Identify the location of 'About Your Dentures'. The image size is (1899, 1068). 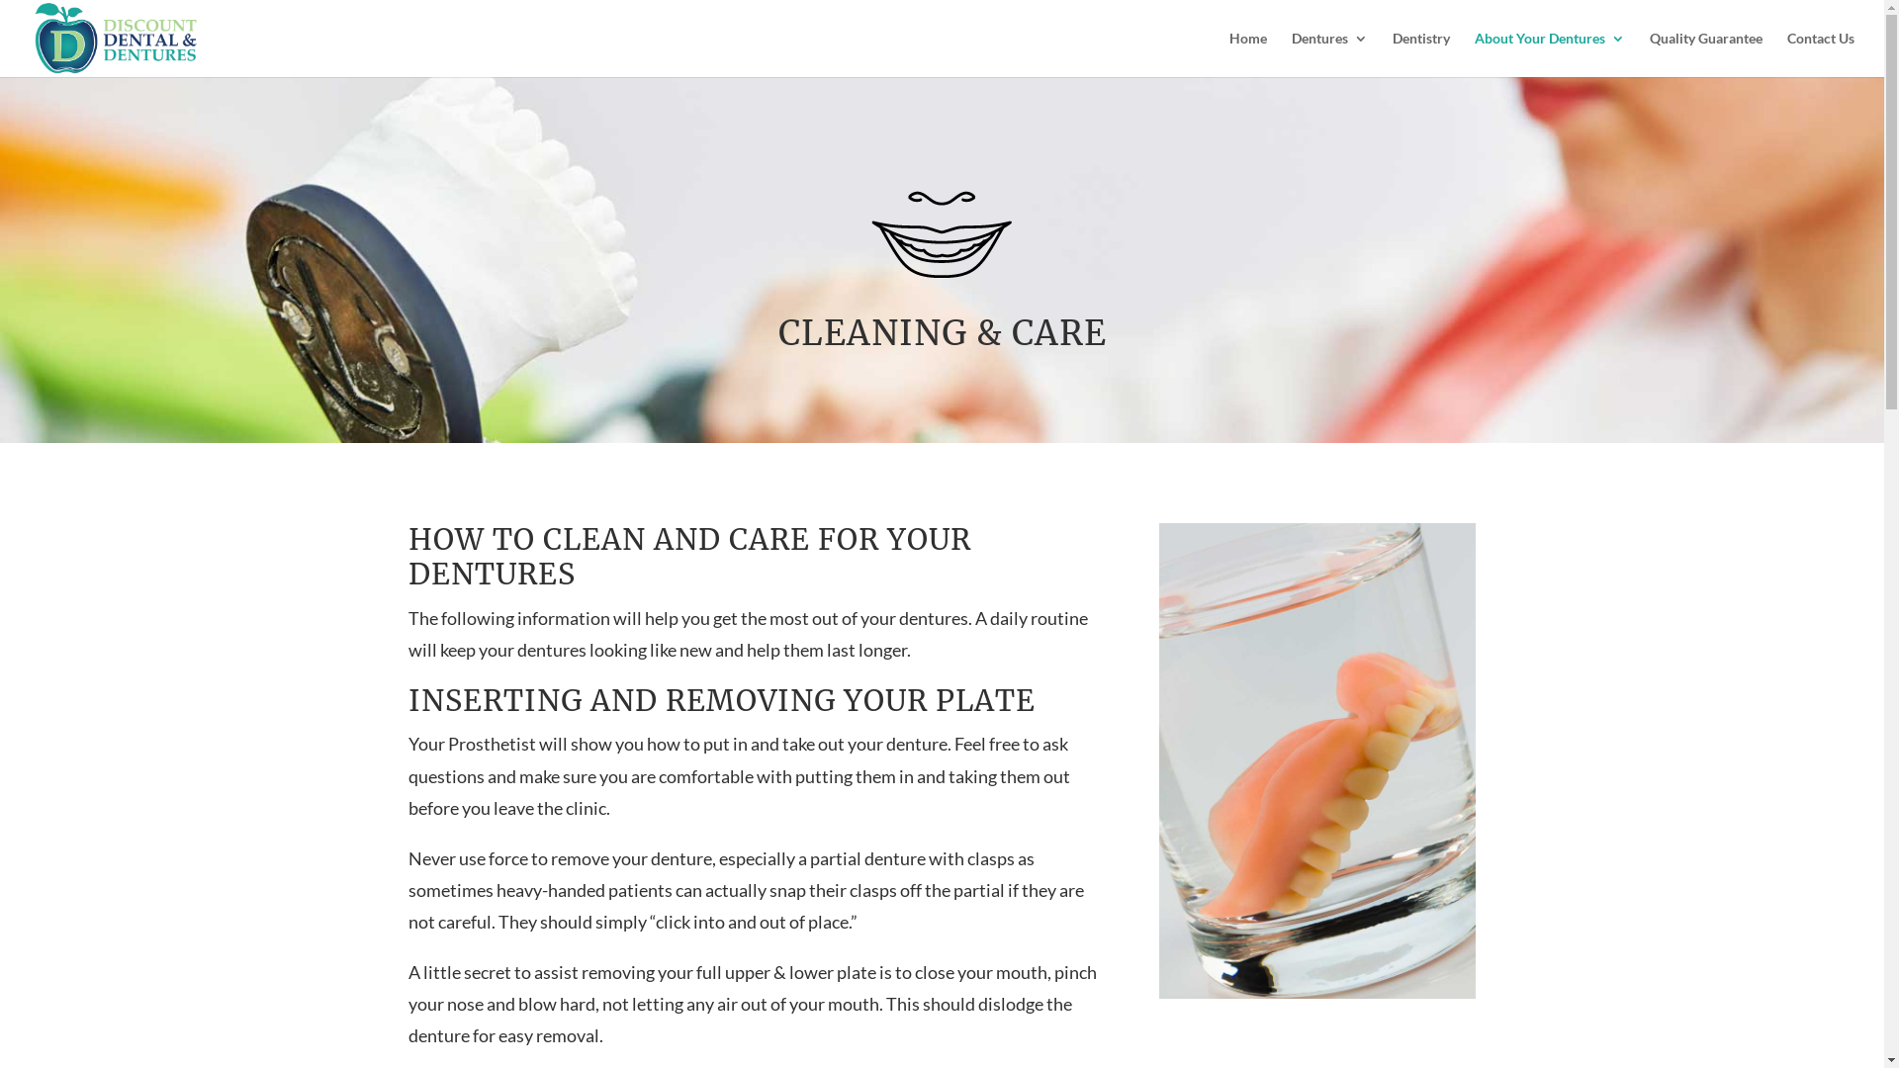
(1548, 52).